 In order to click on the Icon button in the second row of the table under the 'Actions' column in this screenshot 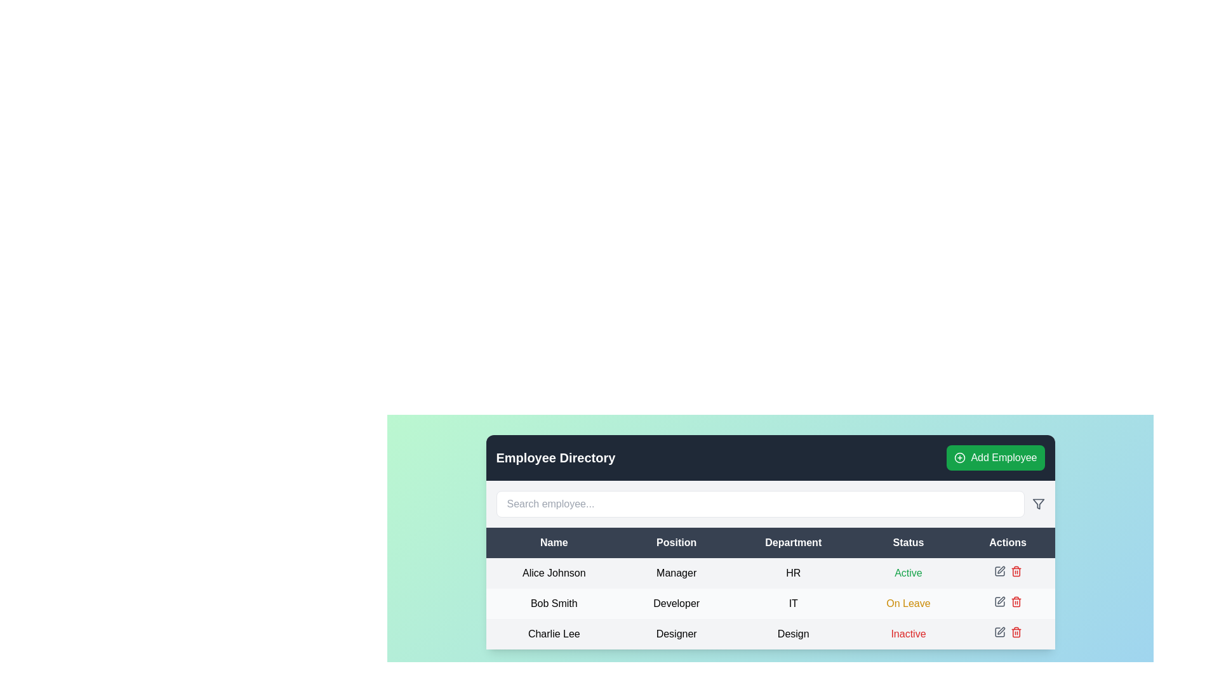, I will do `click(999, 601)`.